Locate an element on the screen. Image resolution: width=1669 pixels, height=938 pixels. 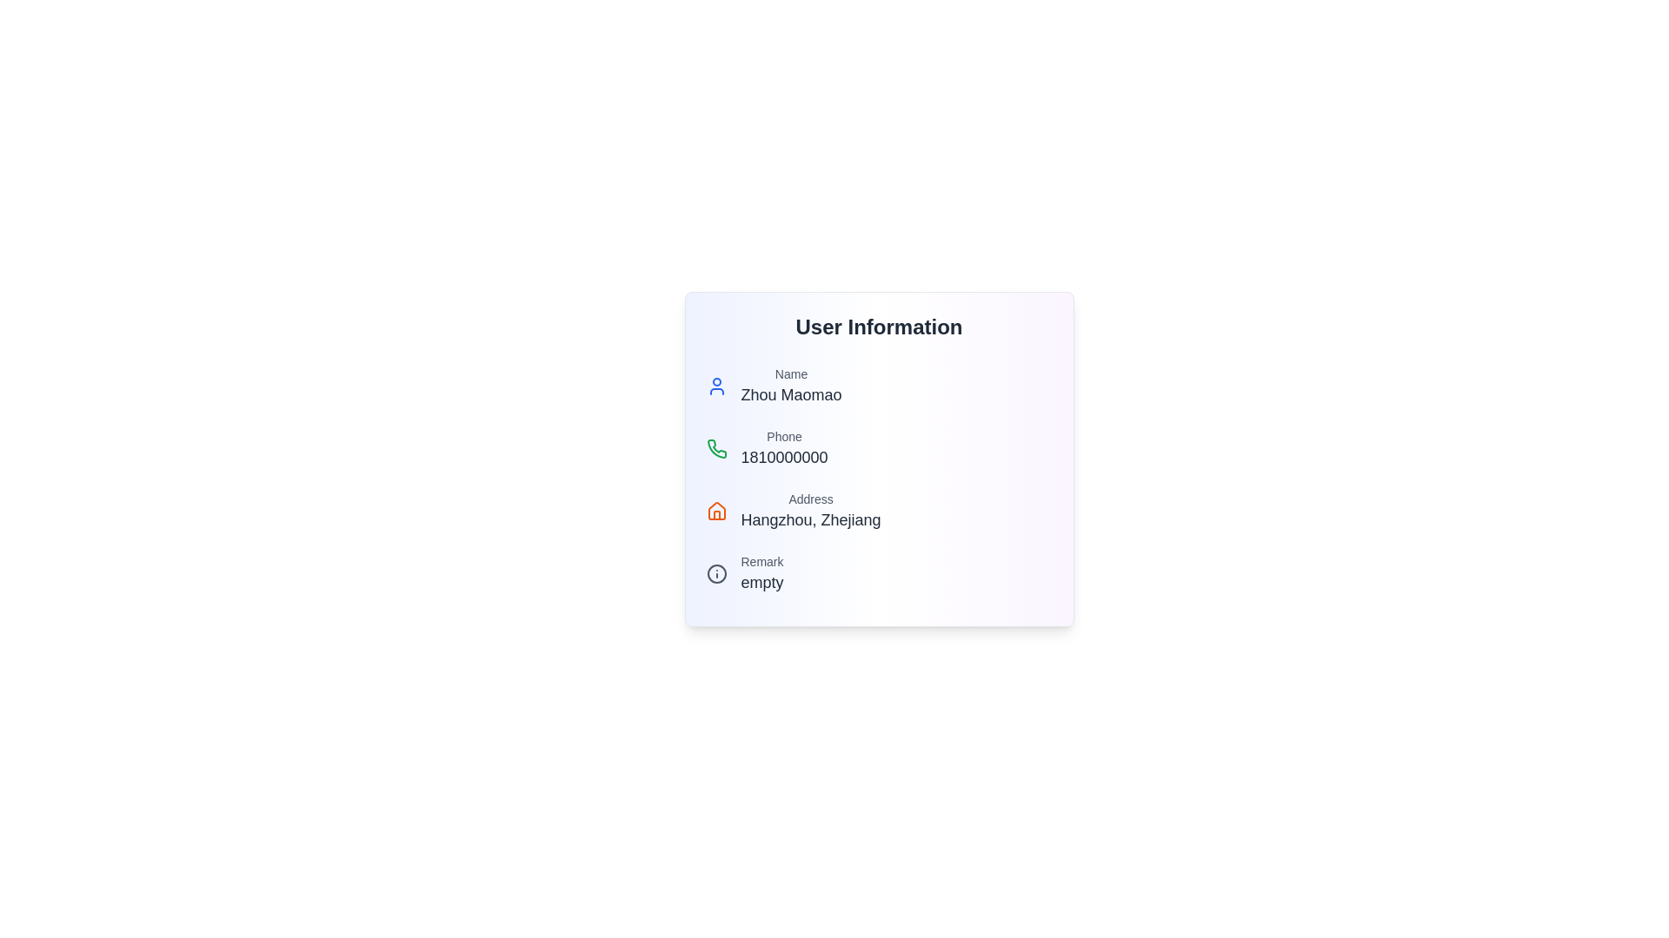
the 'Address' text label located in the 'User Information' panel, which is styled in gray and positioned above the specific address details is located at coordinates (810, 499).